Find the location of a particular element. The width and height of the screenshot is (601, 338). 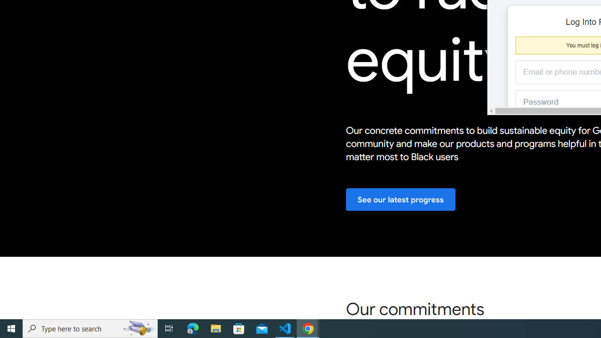

'Task View' is located at coordinates (169, 328).